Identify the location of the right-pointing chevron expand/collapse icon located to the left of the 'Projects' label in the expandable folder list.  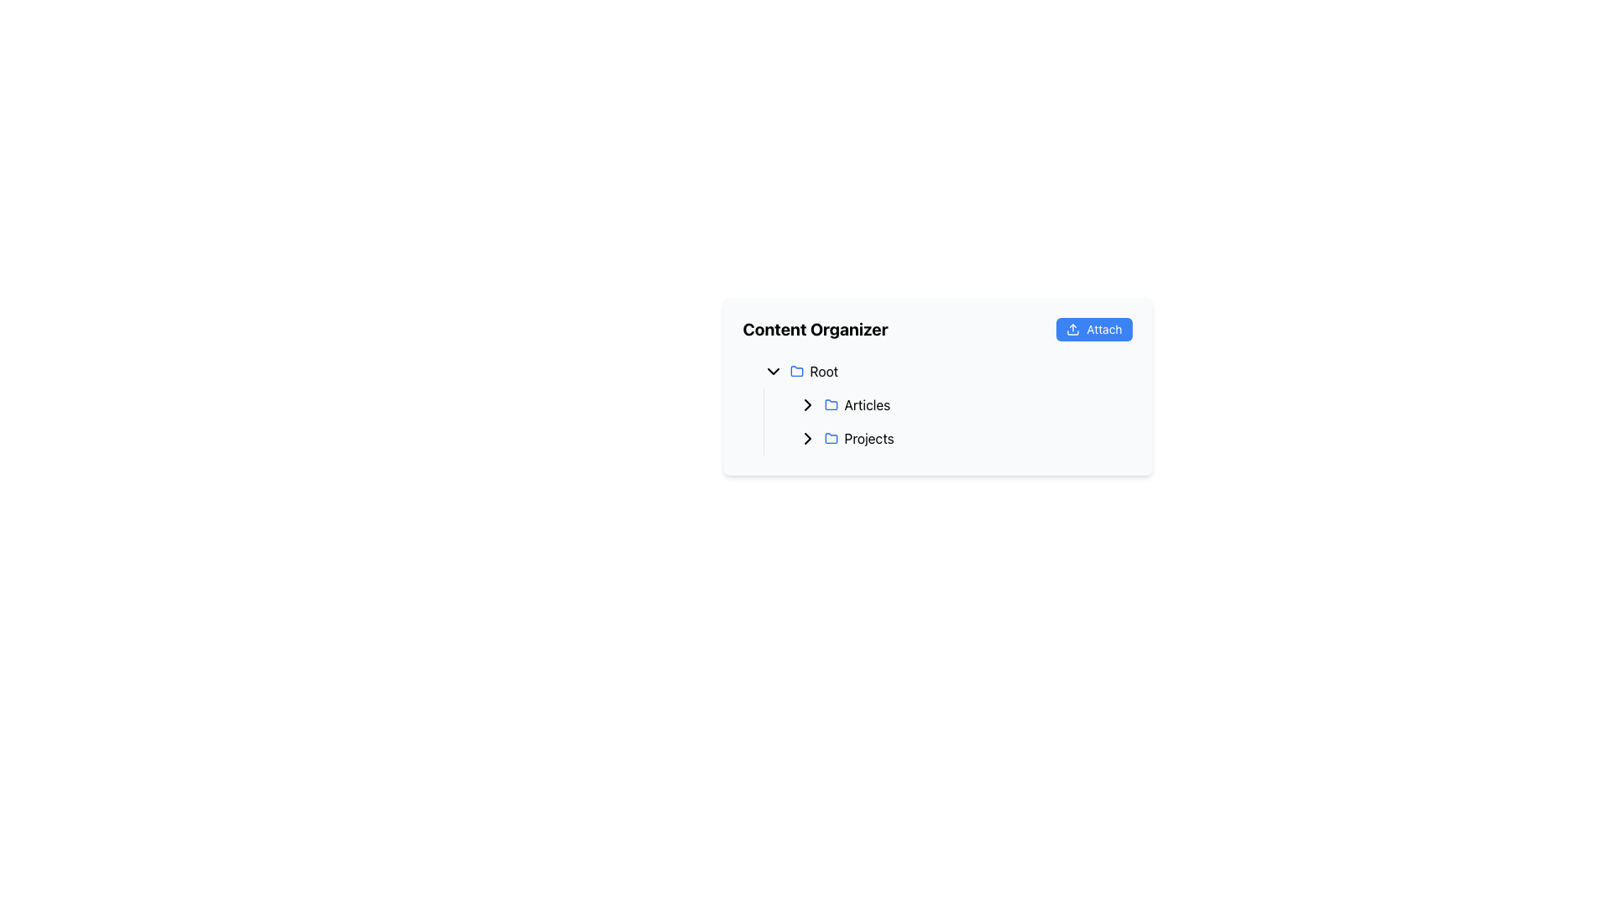
(807, 438).